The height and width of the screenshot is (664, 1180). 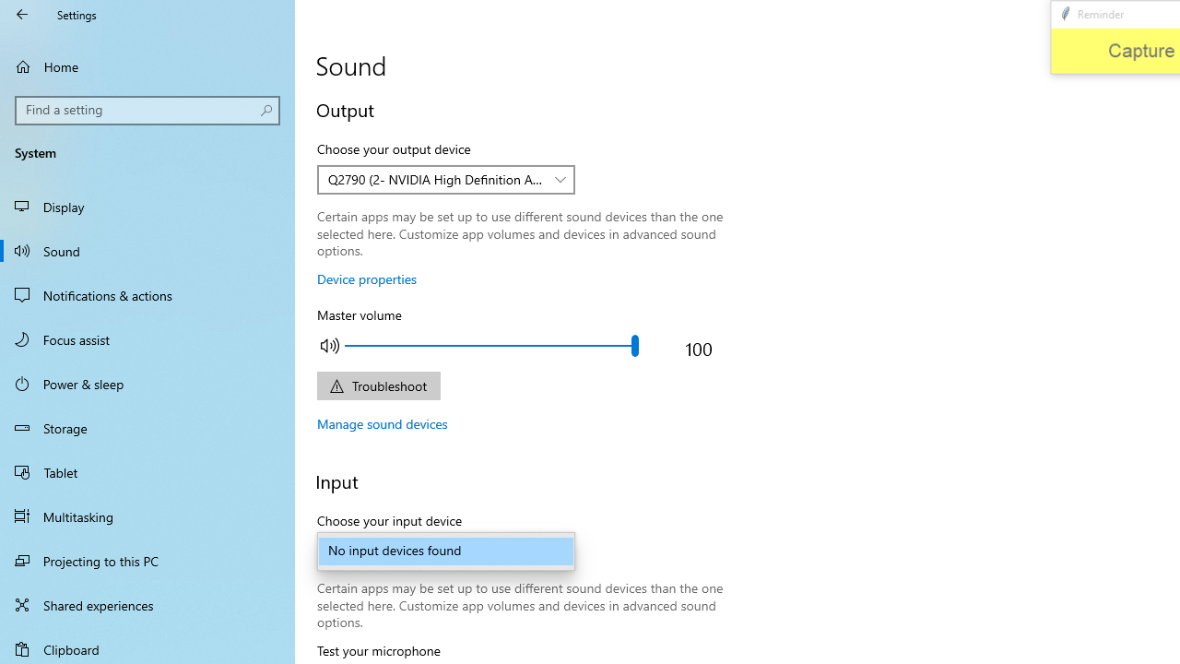 What do you see at coordinates (147, 560) in the screenshot?
I see `'Projecting to this PC'` at bounding box center [147, 560].